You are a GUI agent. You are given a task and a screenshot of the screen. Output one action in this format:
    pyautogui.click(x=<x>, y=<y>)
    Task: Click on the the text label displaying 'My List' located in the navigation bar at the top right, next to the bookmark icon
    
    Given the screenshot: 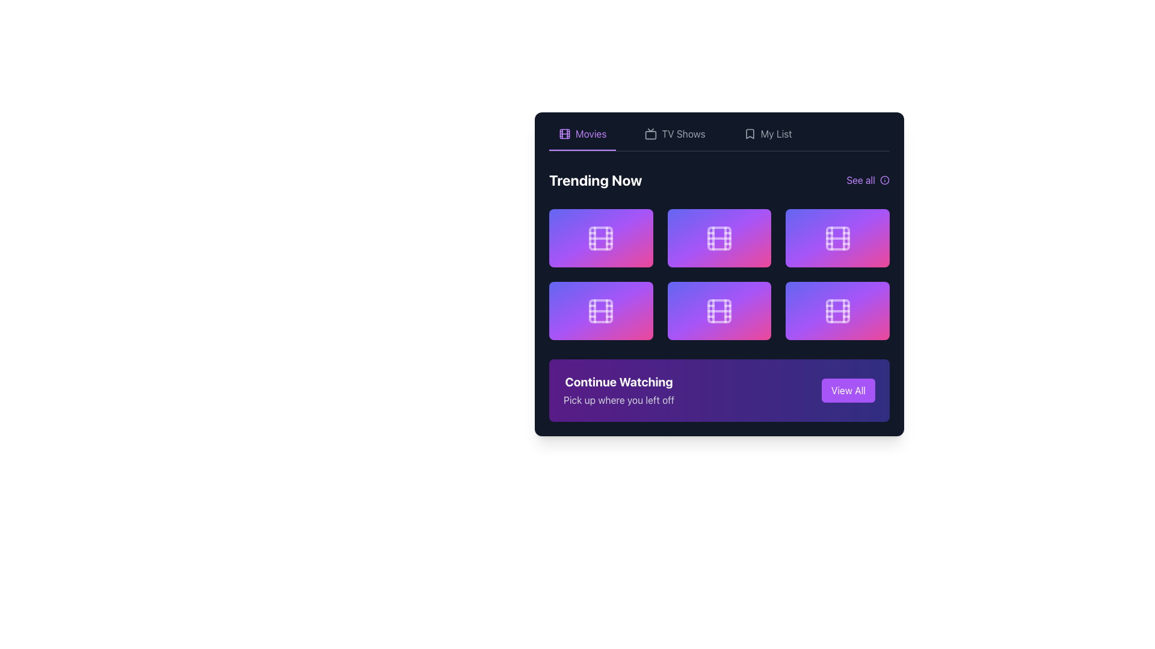 What is the action you would take?
    pyautogui.click(x=776, y=134)
    